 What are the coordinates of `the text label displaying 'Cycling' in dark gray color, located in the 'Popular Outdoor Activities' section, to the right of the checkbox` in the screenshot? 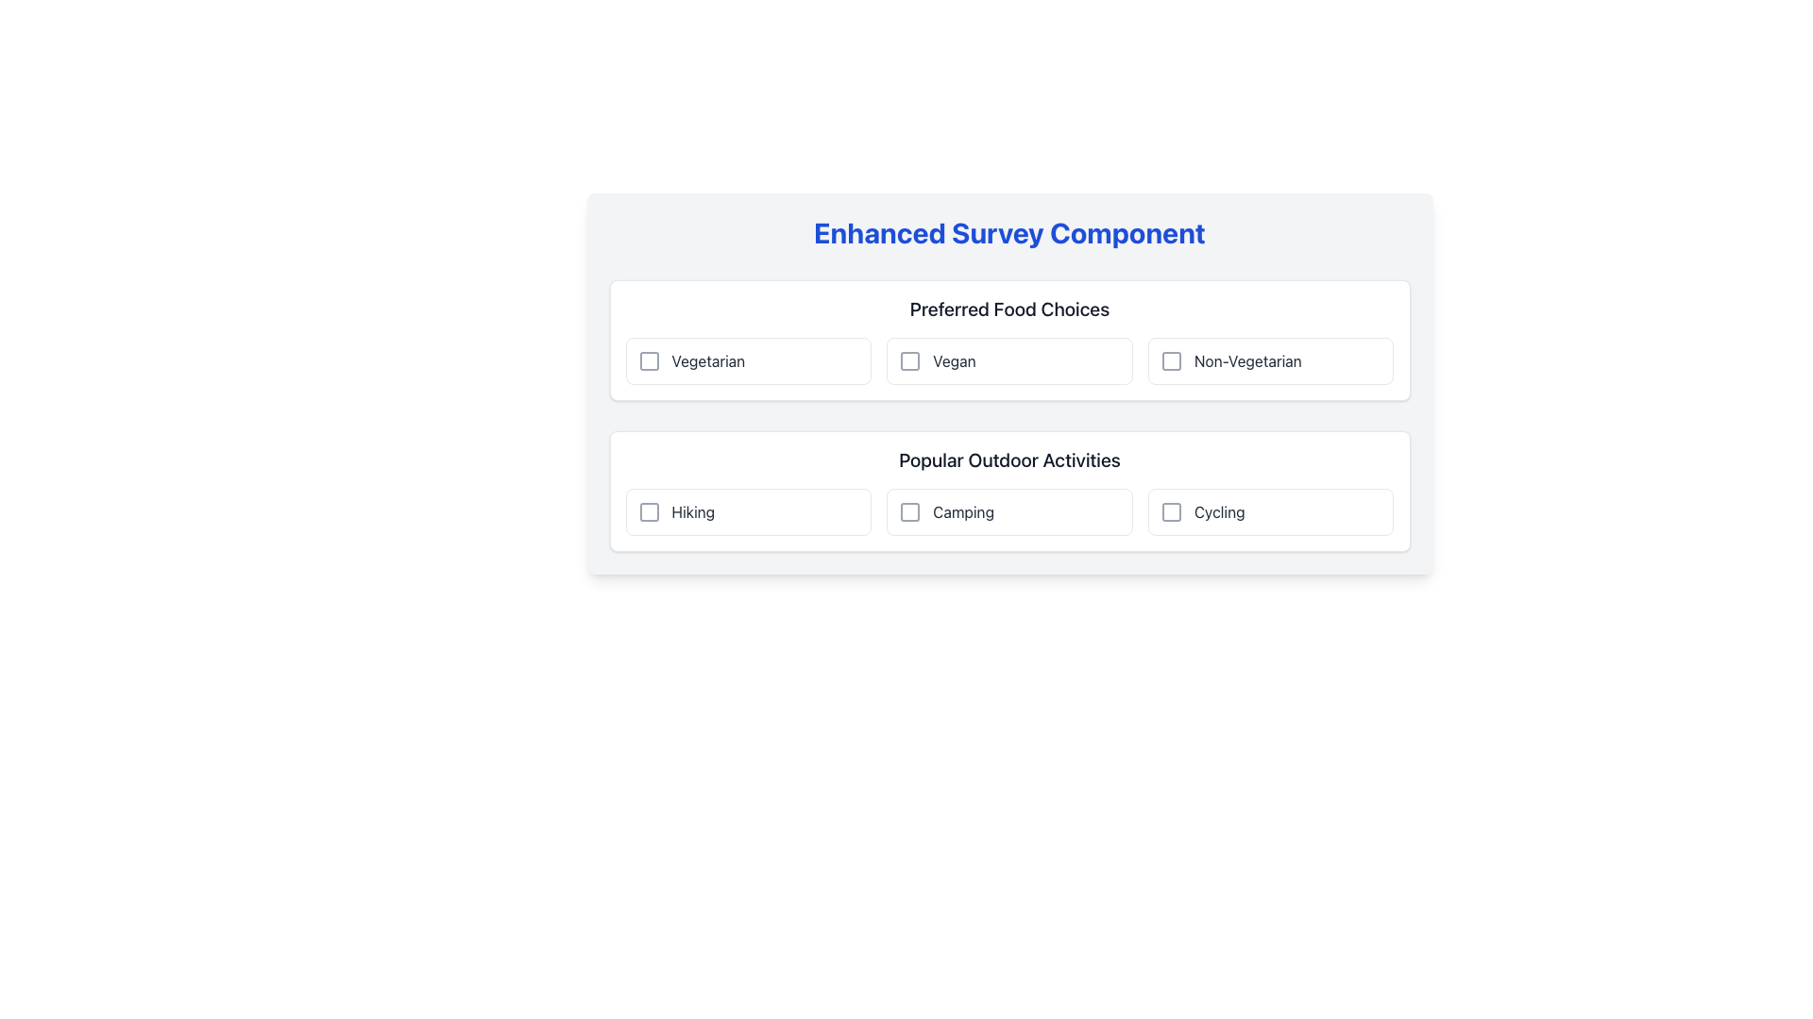 It's located at (1219, 512).